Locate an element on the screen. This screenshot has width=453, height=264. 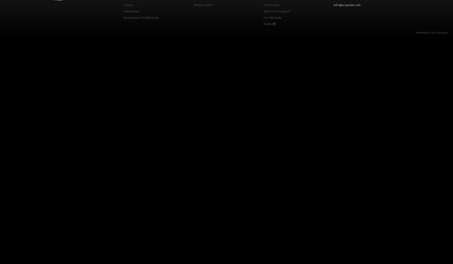
'Careers' is located at coordinates (128, 5).